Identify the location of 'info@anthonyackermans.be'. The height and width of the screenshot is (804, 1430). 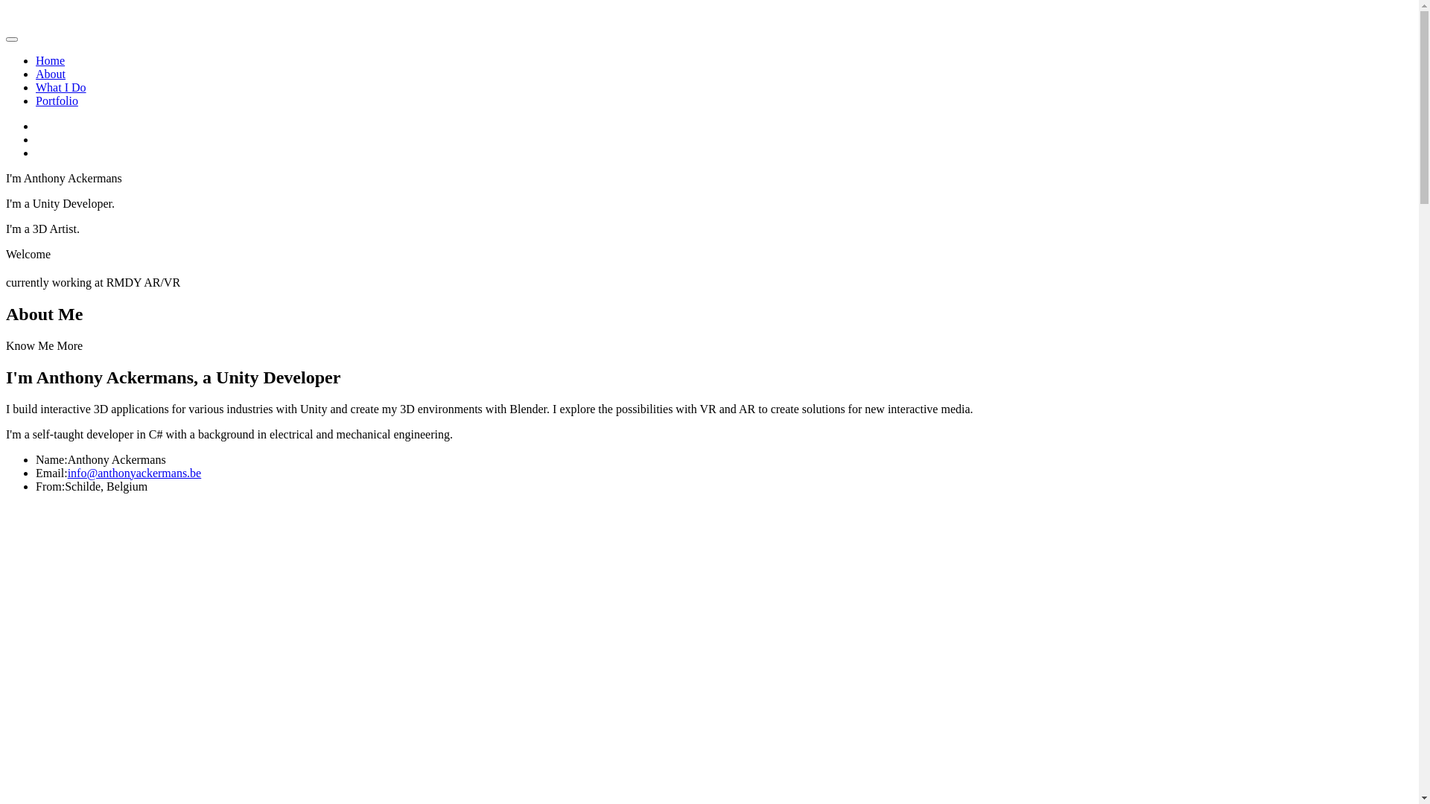
(135, 473).